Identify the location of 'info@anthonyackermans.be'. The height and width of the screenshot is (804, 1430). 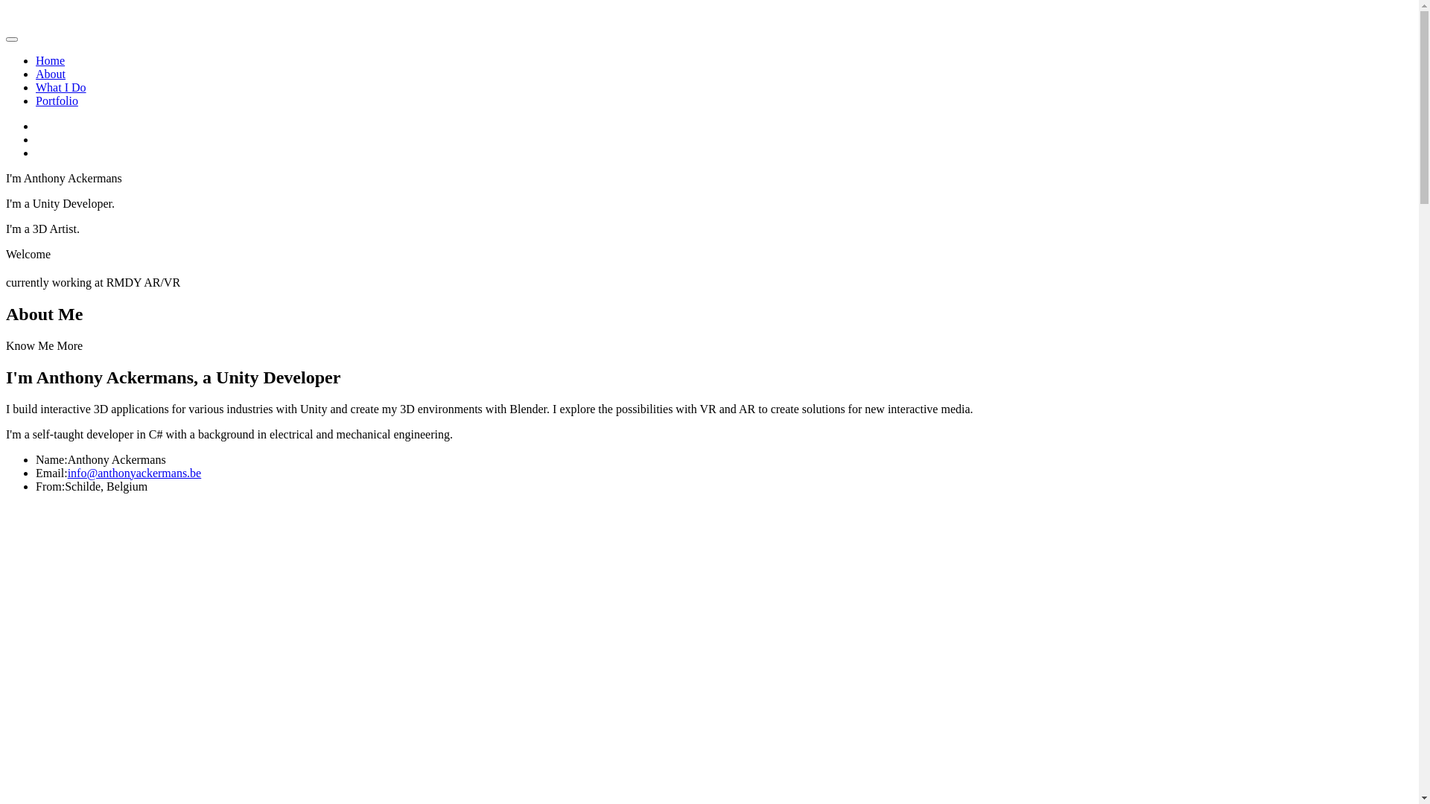
(135, 473).